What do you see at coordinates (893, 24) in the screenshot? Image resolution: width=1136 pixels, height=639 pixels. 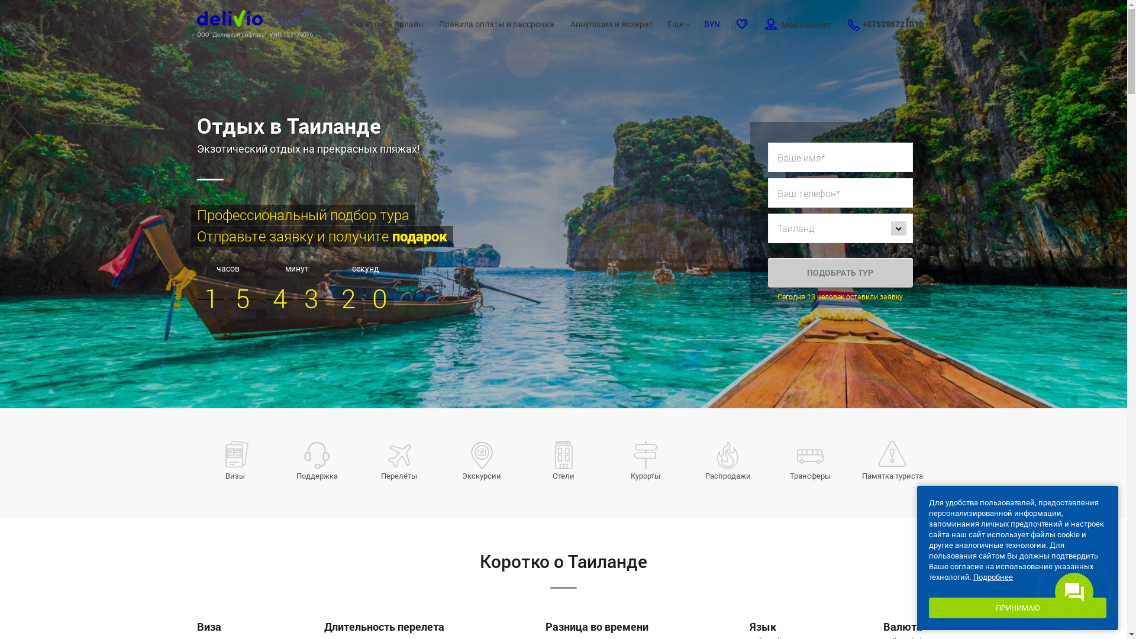 I see `'+375296721010'` at bounding box center [893, 24].